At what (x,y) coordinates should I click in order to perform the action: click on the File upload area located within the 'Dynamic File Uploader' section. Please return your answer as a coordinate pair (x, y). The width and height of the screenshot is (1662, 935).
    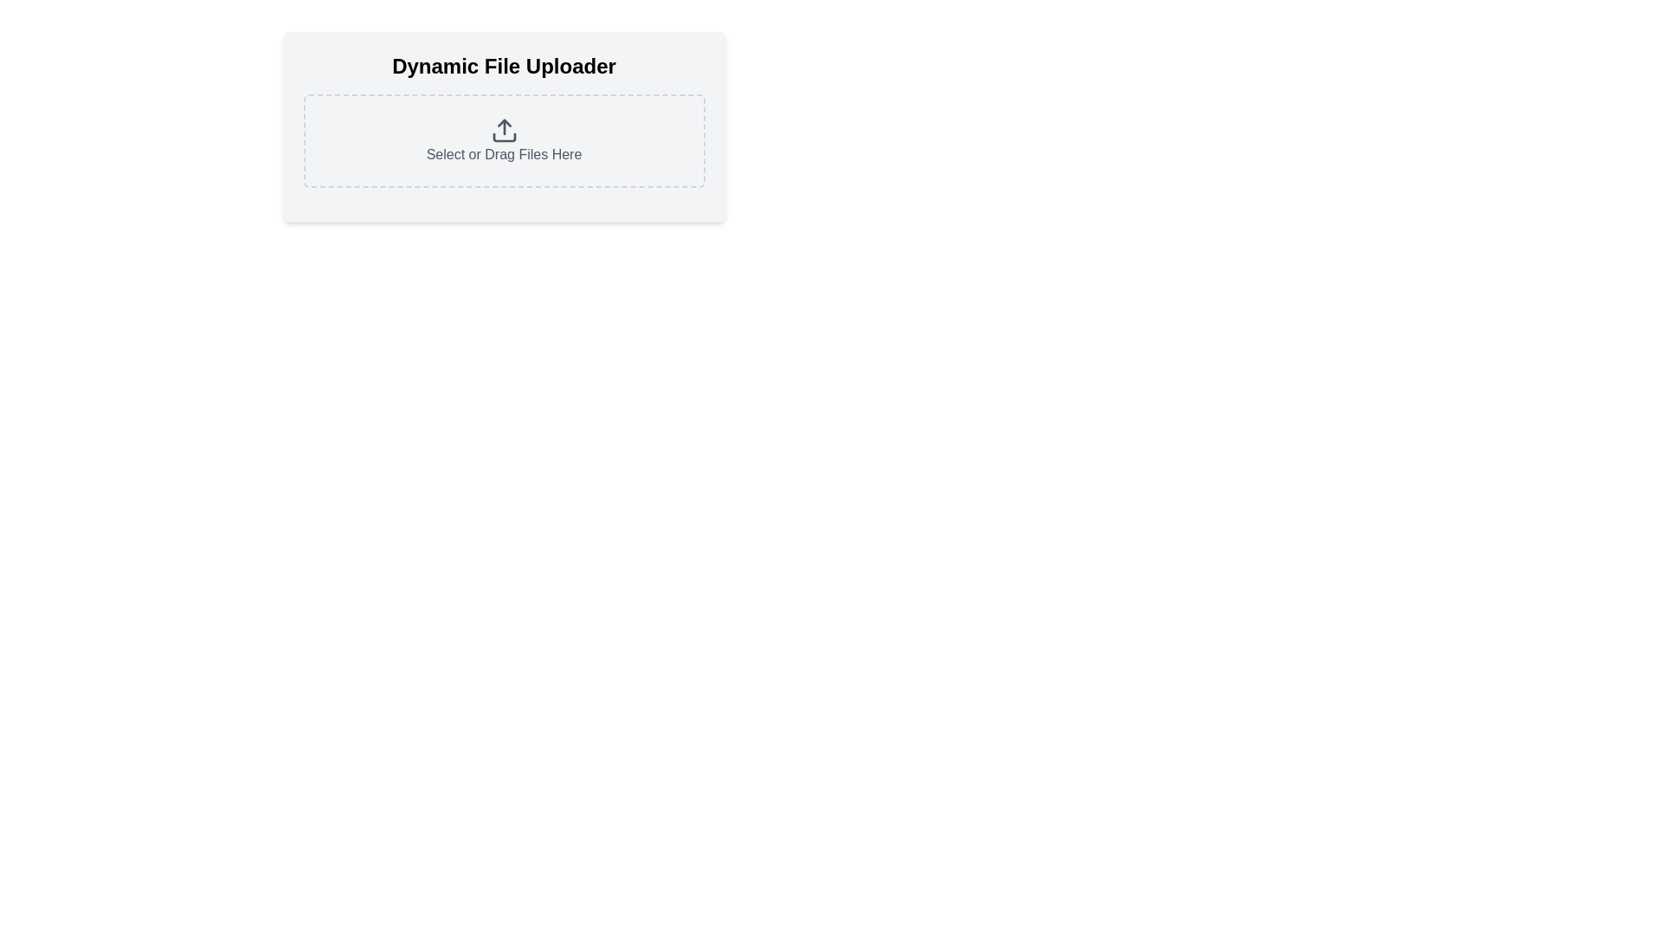
    Looking at the image, I should click on (503, 139).